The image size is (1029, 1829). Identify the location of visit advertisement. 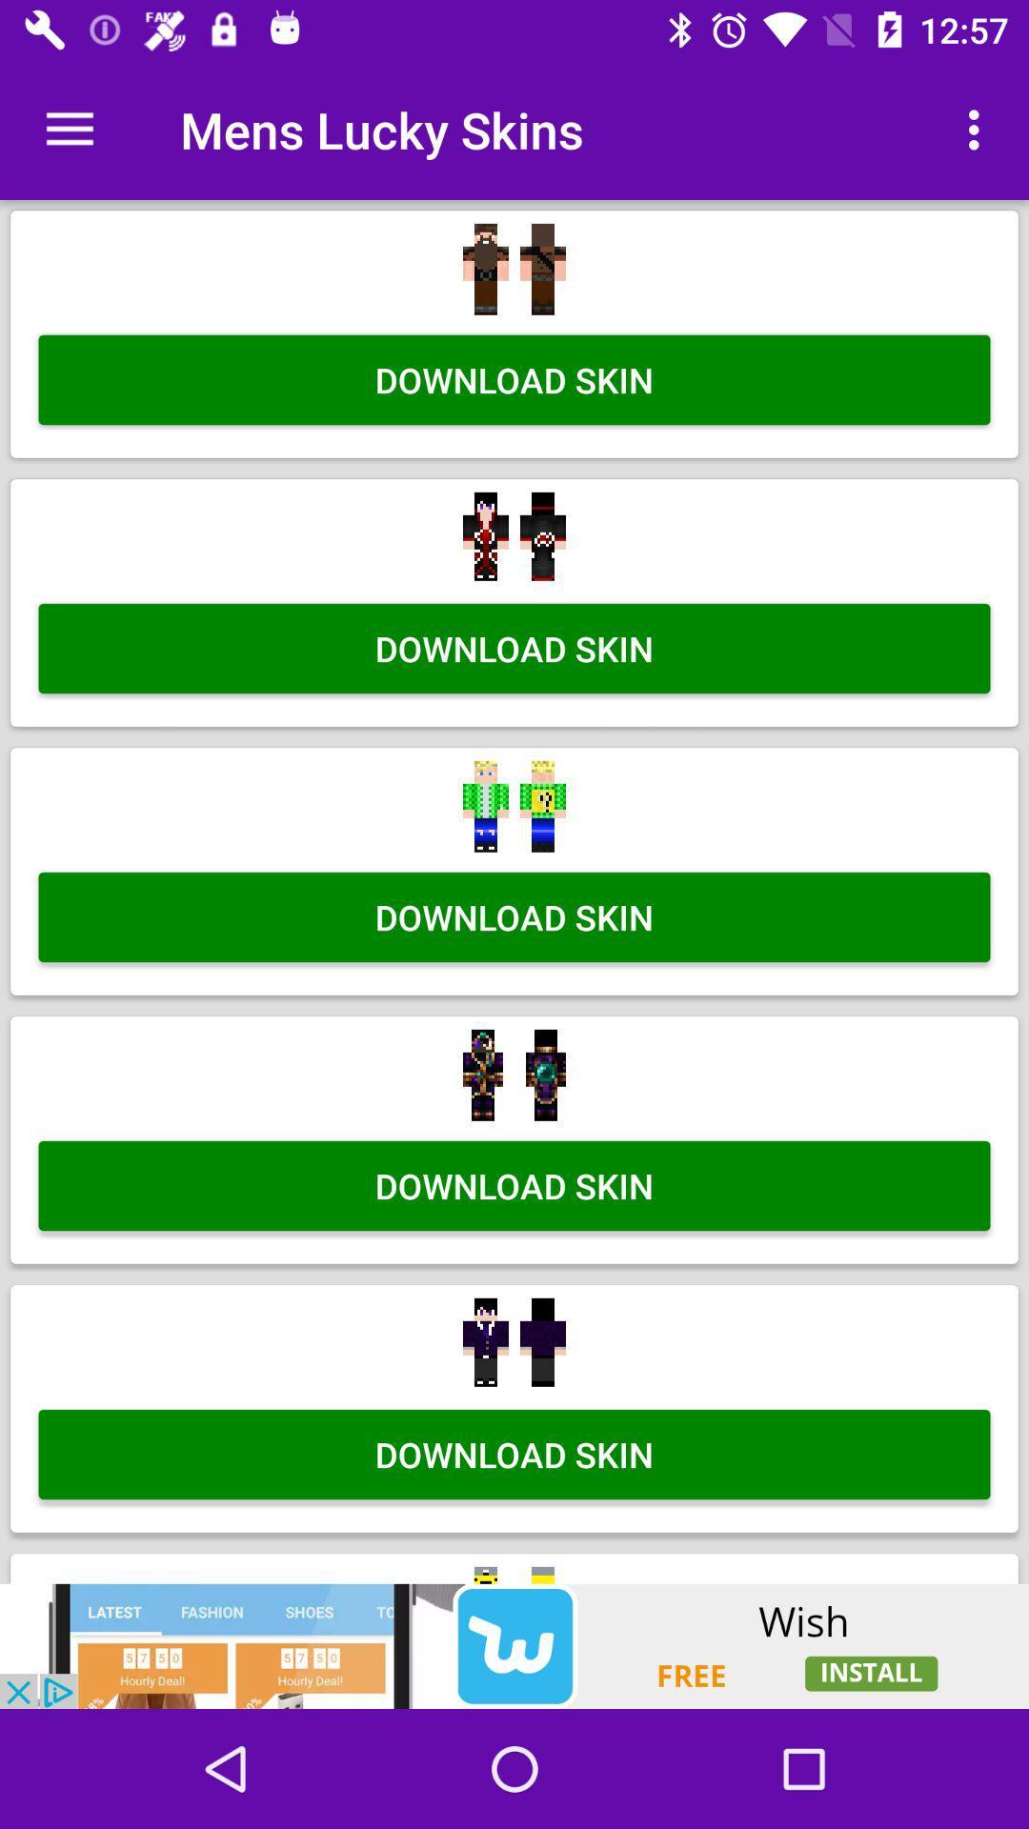
(514, 1645).